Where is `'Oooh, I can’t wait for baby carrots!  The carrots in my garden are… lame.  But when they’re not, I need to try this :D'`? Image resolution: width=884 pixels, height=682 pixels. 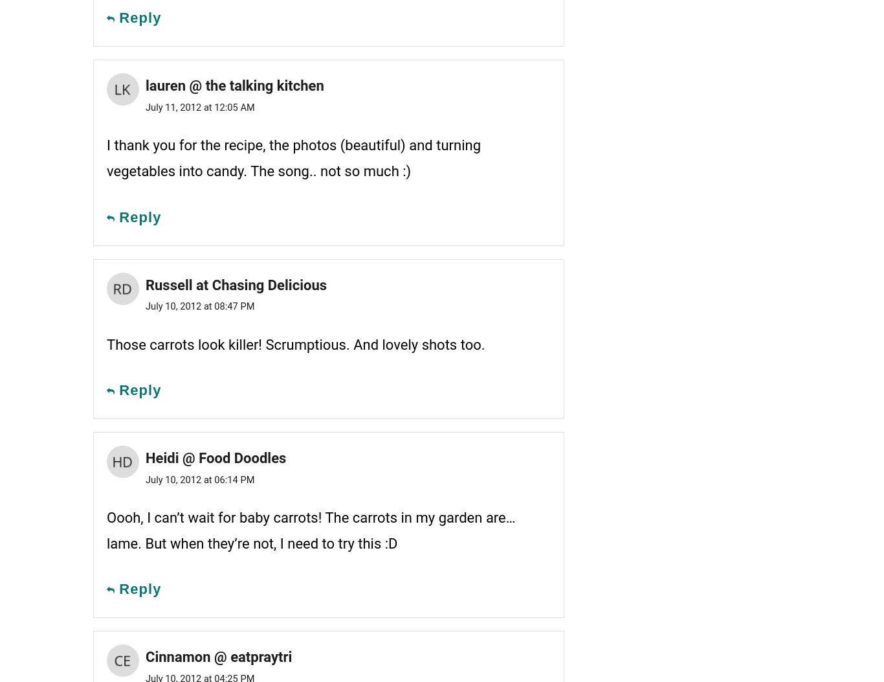
'Oooh, I can’t wait for baby carrots!  The carrots in my garden are… lame.  But when they’re not, I need to try this :D' is located at coordinates (311, 530).